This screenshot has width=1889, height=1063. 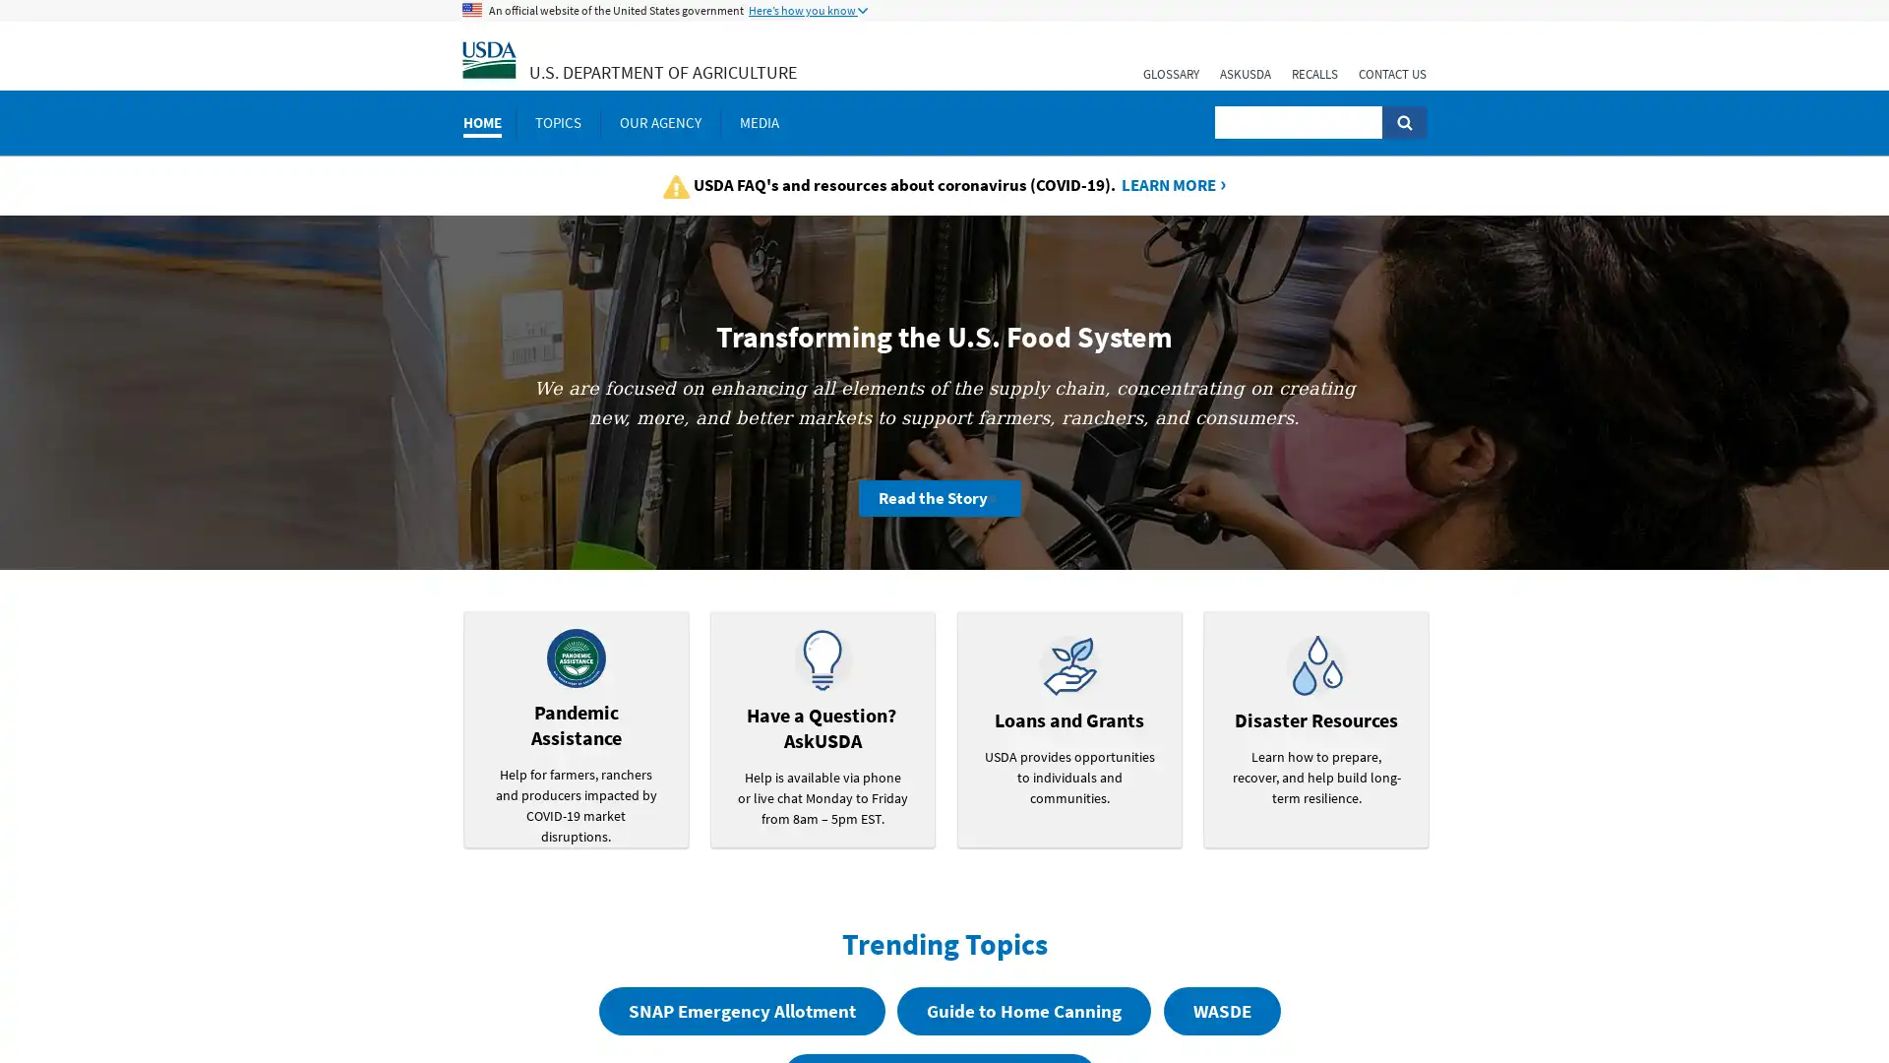 What do you see at coordinates (575, 728) in the screenshot?
I see `pandemic assistance logo Pandemic Assistance Help for farmers, ranchers and producers impacted by COVID-19 market disruptions.` at bounding box center [575, 728].